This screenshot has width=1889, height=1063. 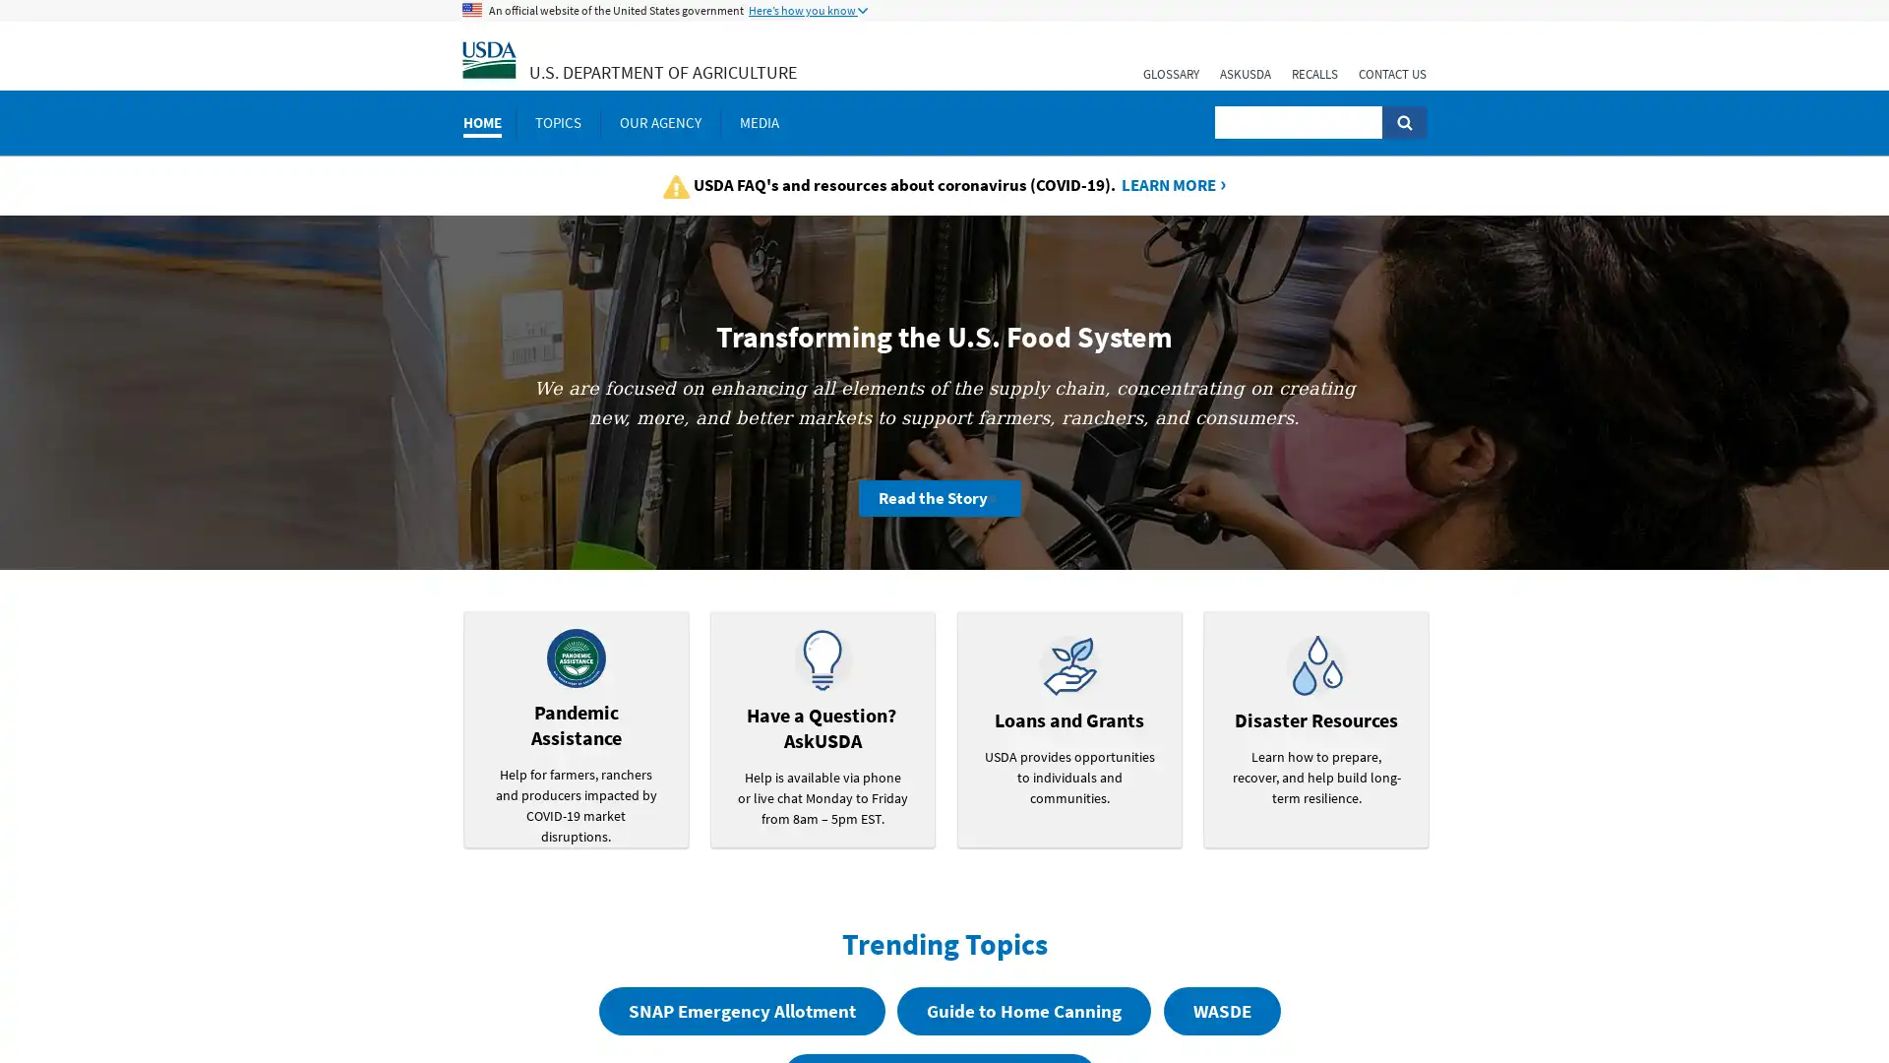 What do you see at coordinates (575, 728) in the screenshot?
I see `pandemic assistance logo Pandemic Assistance Help for farmers, ranchers and producers impacted by COVID-19 market disruptions.` at bounding box center [575, 728].